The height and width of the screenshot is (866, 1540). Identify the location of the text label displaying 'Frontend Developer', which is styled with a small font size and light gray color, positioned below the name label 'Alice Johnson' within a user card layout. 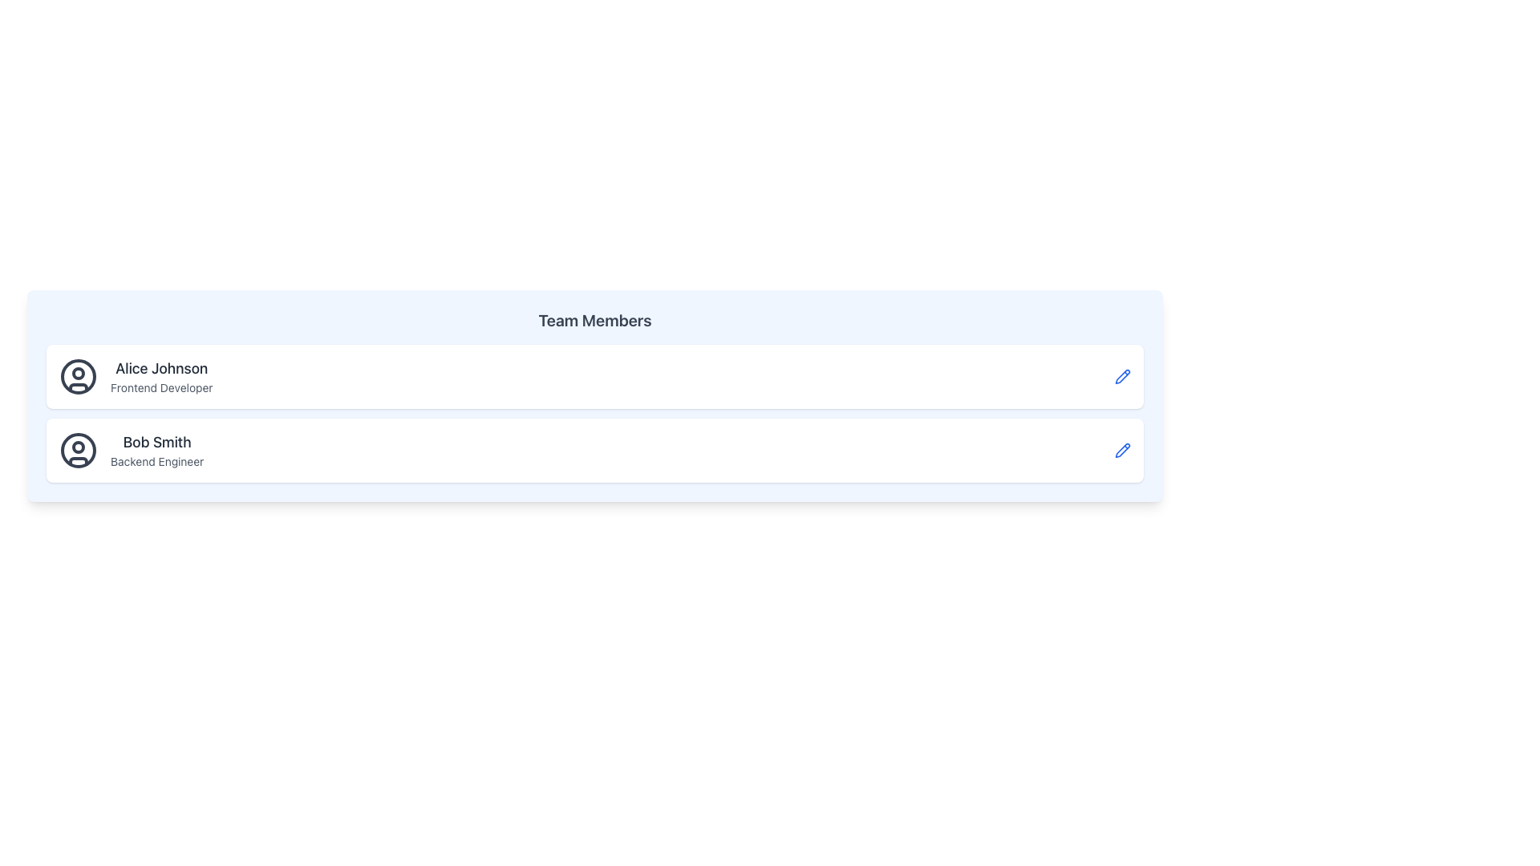
(161, 387).